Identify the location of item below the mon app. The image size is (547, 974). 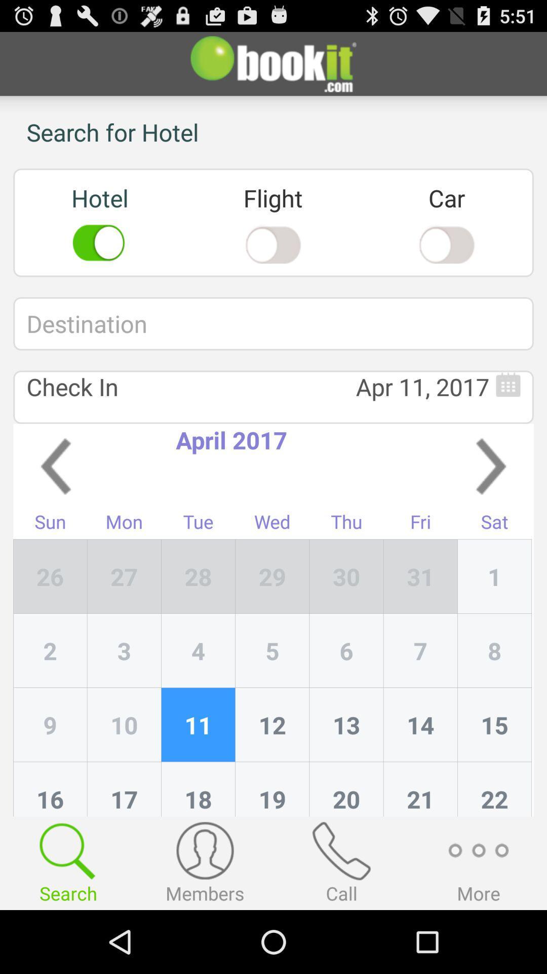
(198, 576).